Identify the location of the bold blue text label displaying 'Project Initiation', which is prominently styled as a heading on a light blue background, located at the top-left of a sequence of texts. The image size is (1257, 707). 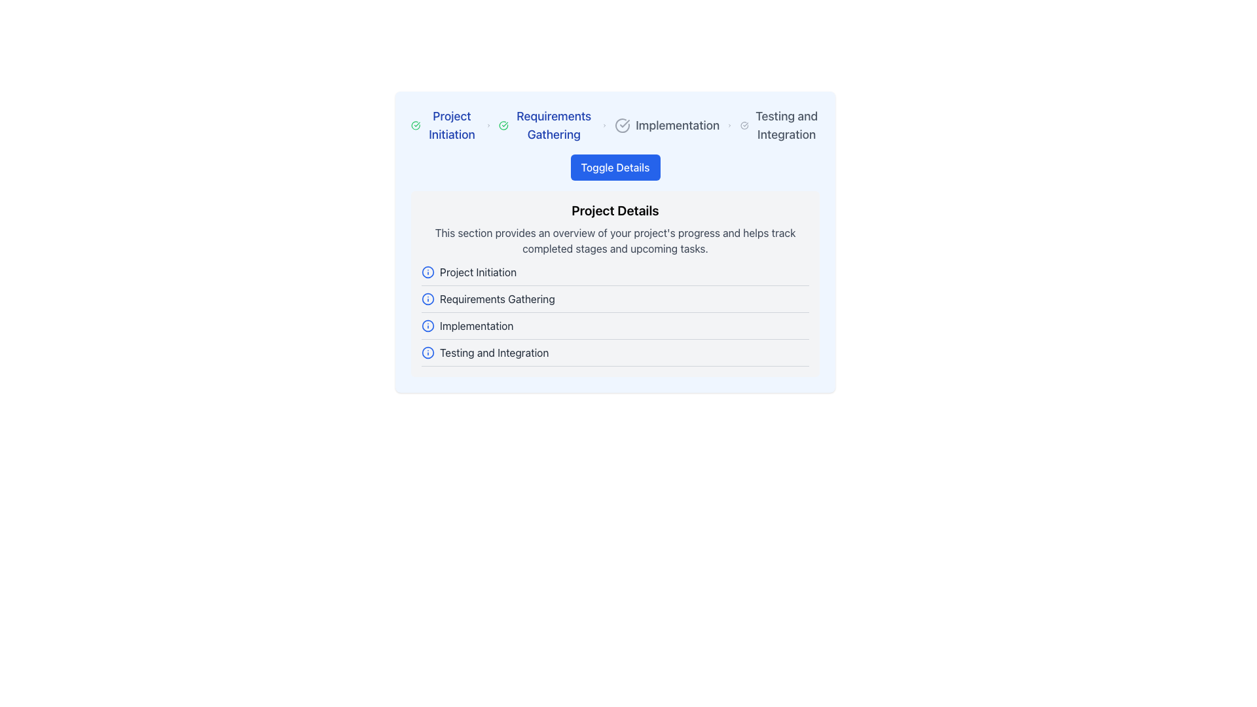
(452, 126).